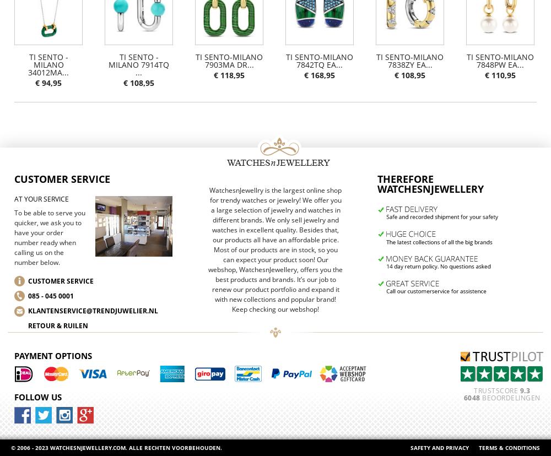  Describe the element at coordinates (48, 64) in the screenshot. I see `'Ti Sento - Milano 34012MA...'` at that location.